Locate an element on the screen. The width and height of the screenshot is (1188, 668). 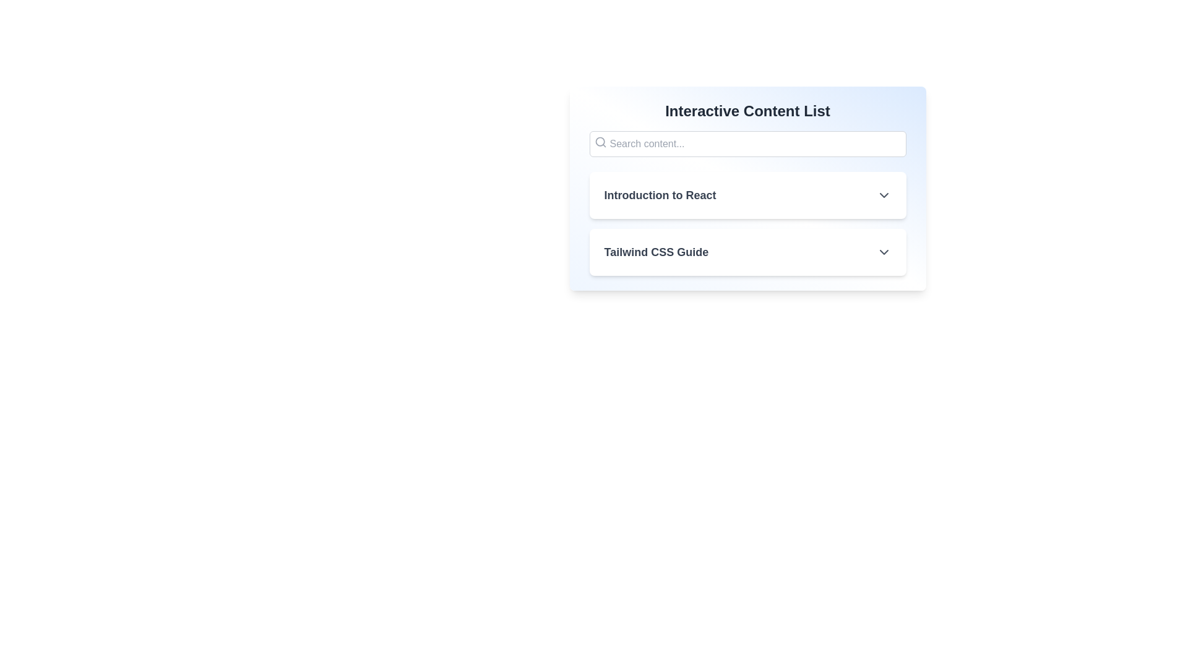
the icon accompanying the list item titled 'Tailwind CSS Guide' to toggle its expanded state is located at coordinates (883, 252).